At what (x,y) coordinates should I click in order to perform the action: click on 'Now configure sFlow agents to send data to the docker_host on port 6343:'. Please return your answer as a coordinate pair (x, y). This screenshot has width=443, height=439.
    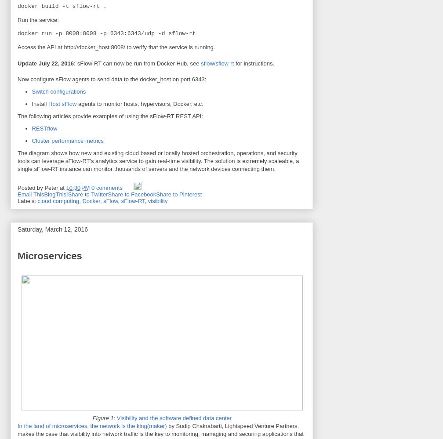
    Looking at the image, I should click on (18, 78).